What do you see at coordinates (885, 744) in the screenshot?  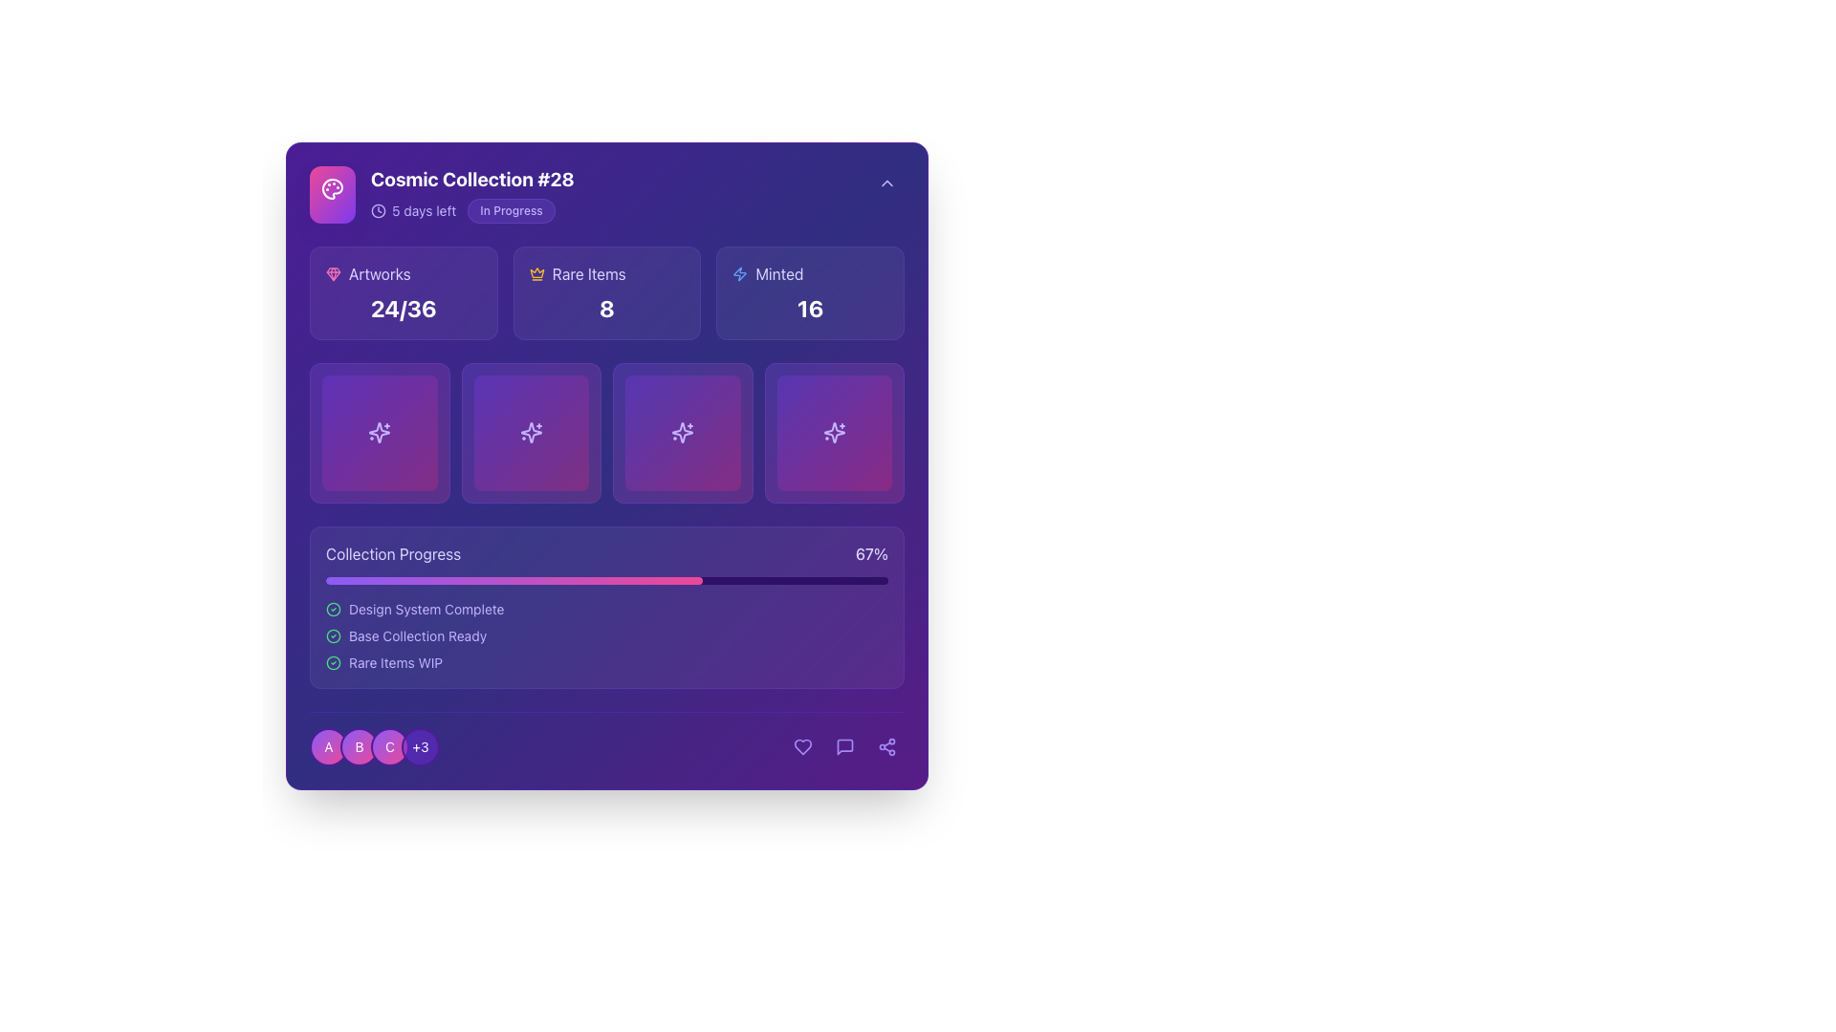 I see `the sharing button located in the bottom-right corner of the section` at bounding box center [885, 744].